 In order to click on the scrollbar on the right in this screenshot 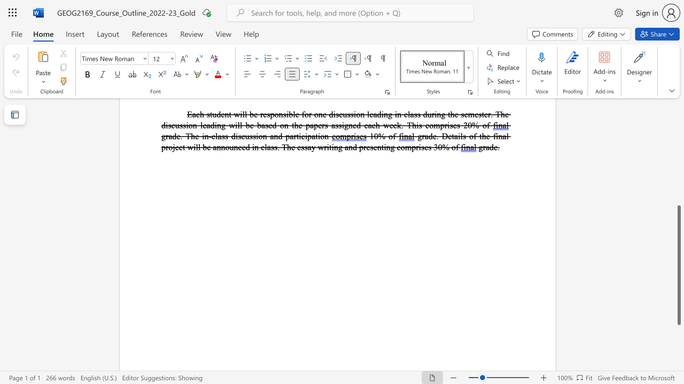, I will do `click(678, 122)`.